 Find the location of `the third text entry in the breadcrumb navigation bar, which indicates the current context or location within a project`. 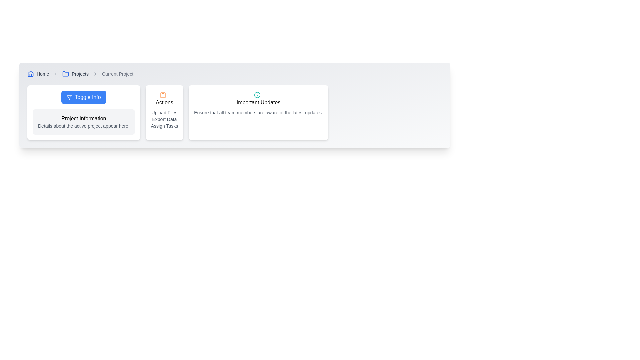

the third text entry in the breadcrumb navigation bar, which indicates the current context or location within a project is located at coordinates (118, 74).